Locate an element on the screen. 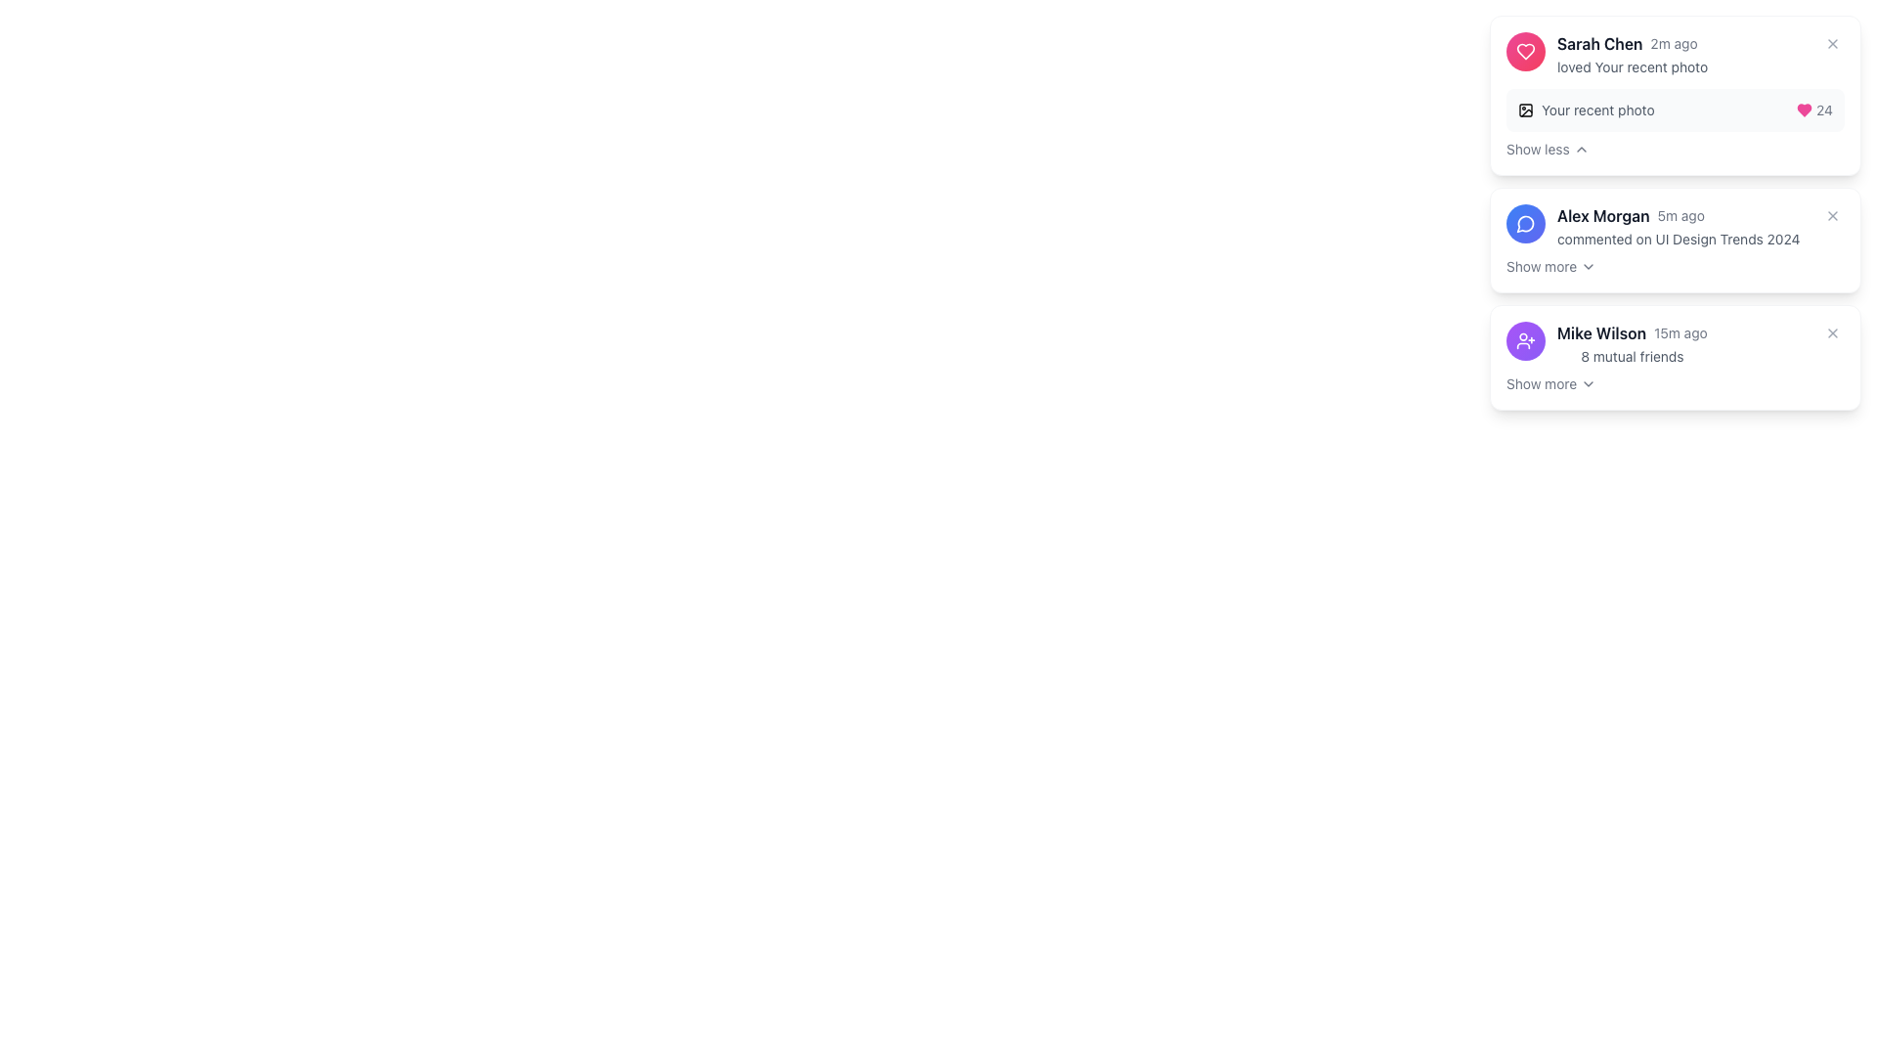 The image size is (1877, 1056). the 'Show more' text label in gray font is located at coordinates (1541, 267).